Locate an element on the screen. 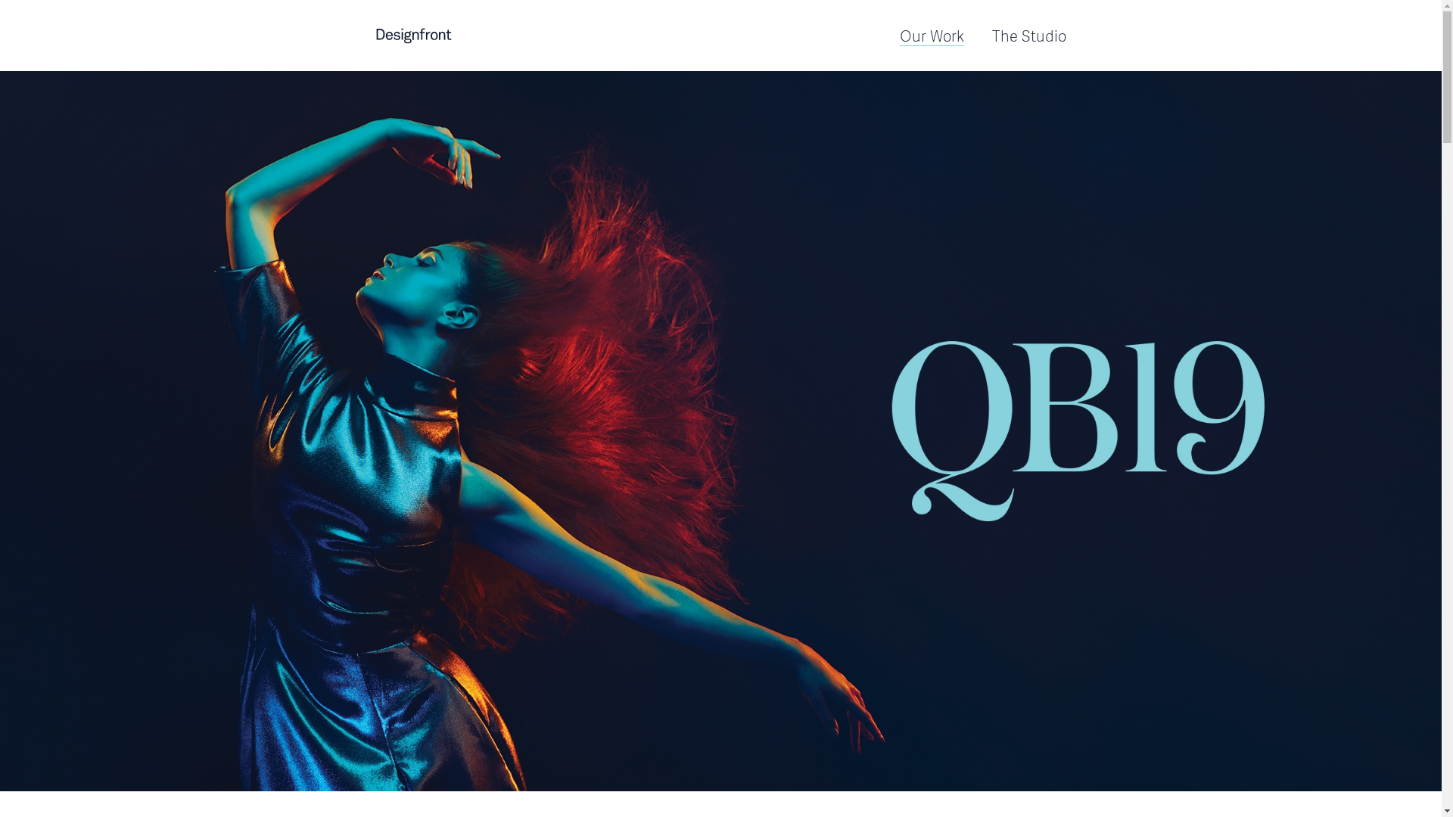 The width and height of the screenshot is (1453, 817). 'Our Work' is located at coordinates (930, 34).